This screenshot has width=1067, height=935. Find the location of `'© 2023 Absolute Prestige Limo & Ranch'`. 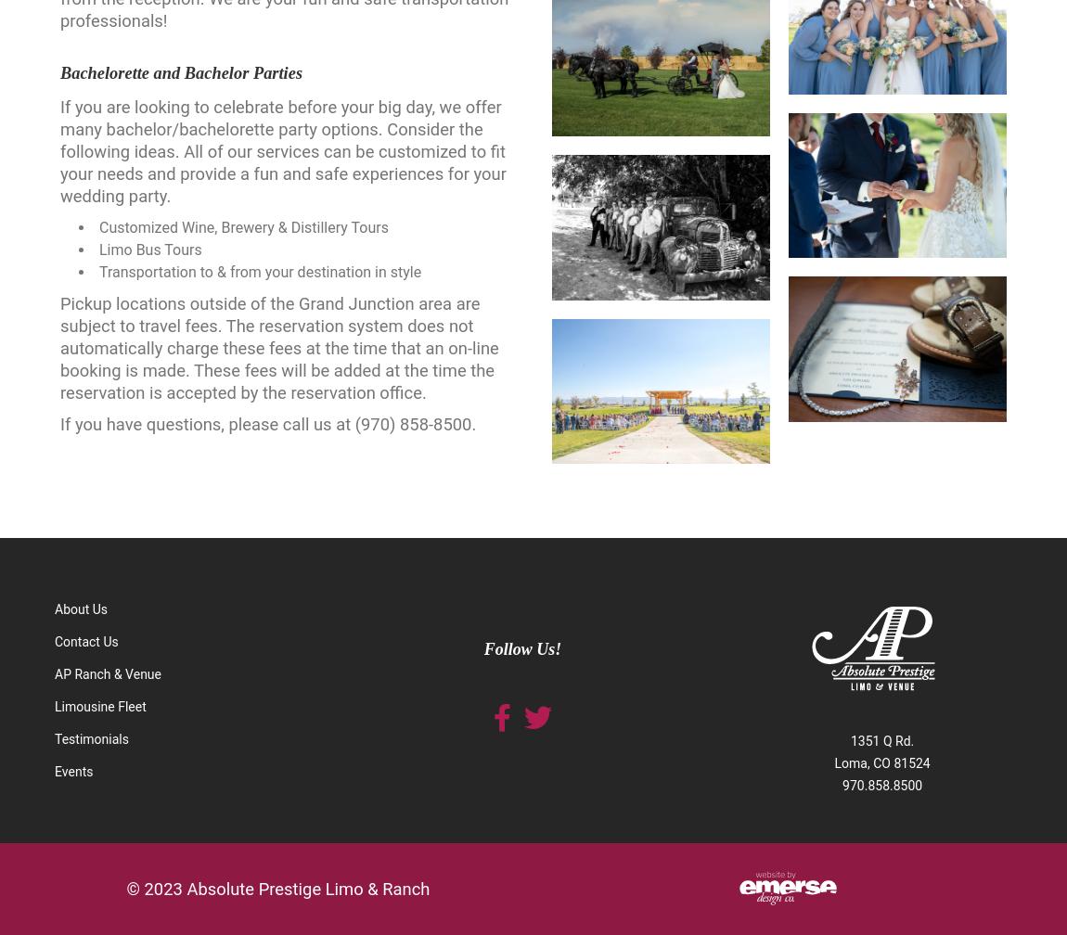

'© 2023 Absolute Prestige Limo & Ranch' is located at coordinates (277, 889).